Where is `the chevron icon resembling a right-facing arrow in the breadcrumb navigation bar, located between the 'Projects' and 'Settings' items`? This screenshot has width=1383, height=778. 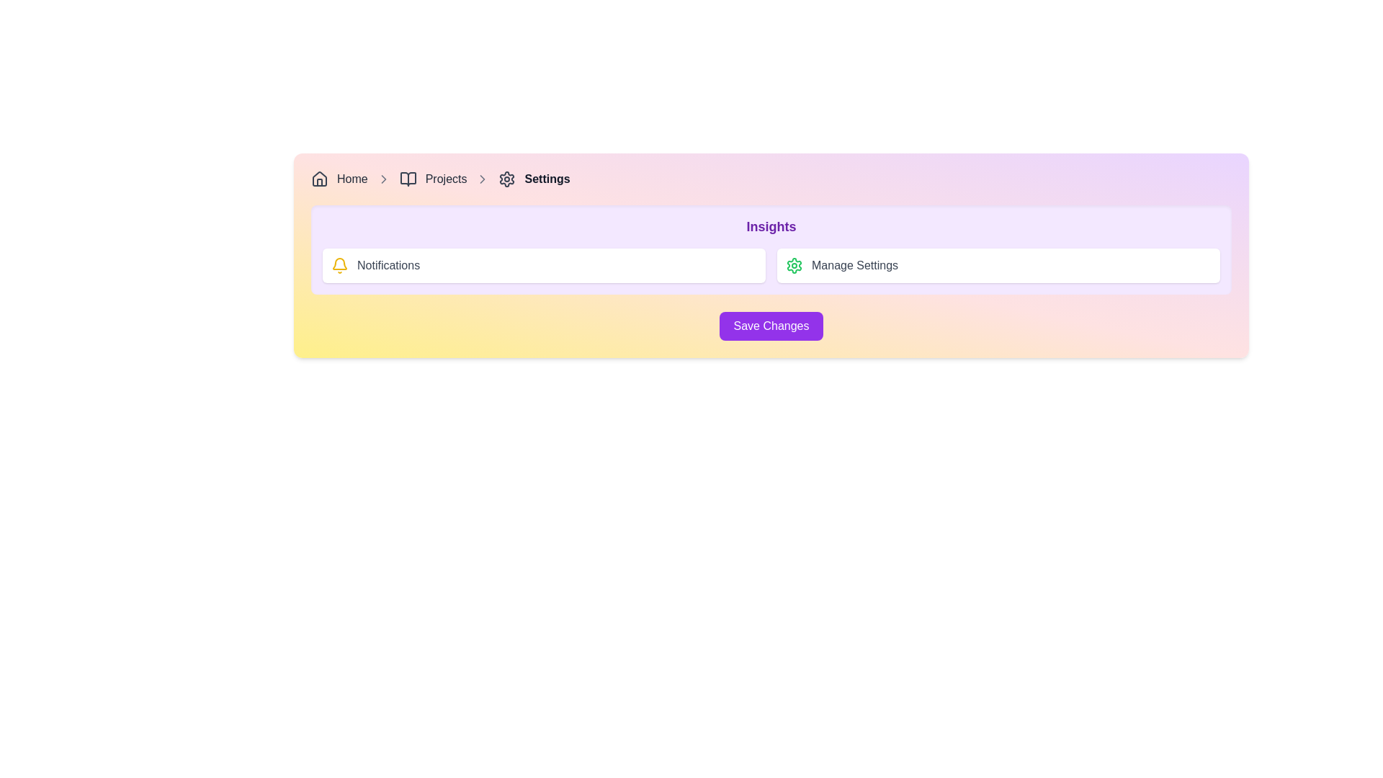 the chevron icon resembling a right-facing arrow in the breadcrumb navigation bar, located between the 'Projects' and 'Settings' items is located at coordinates (383, 179).